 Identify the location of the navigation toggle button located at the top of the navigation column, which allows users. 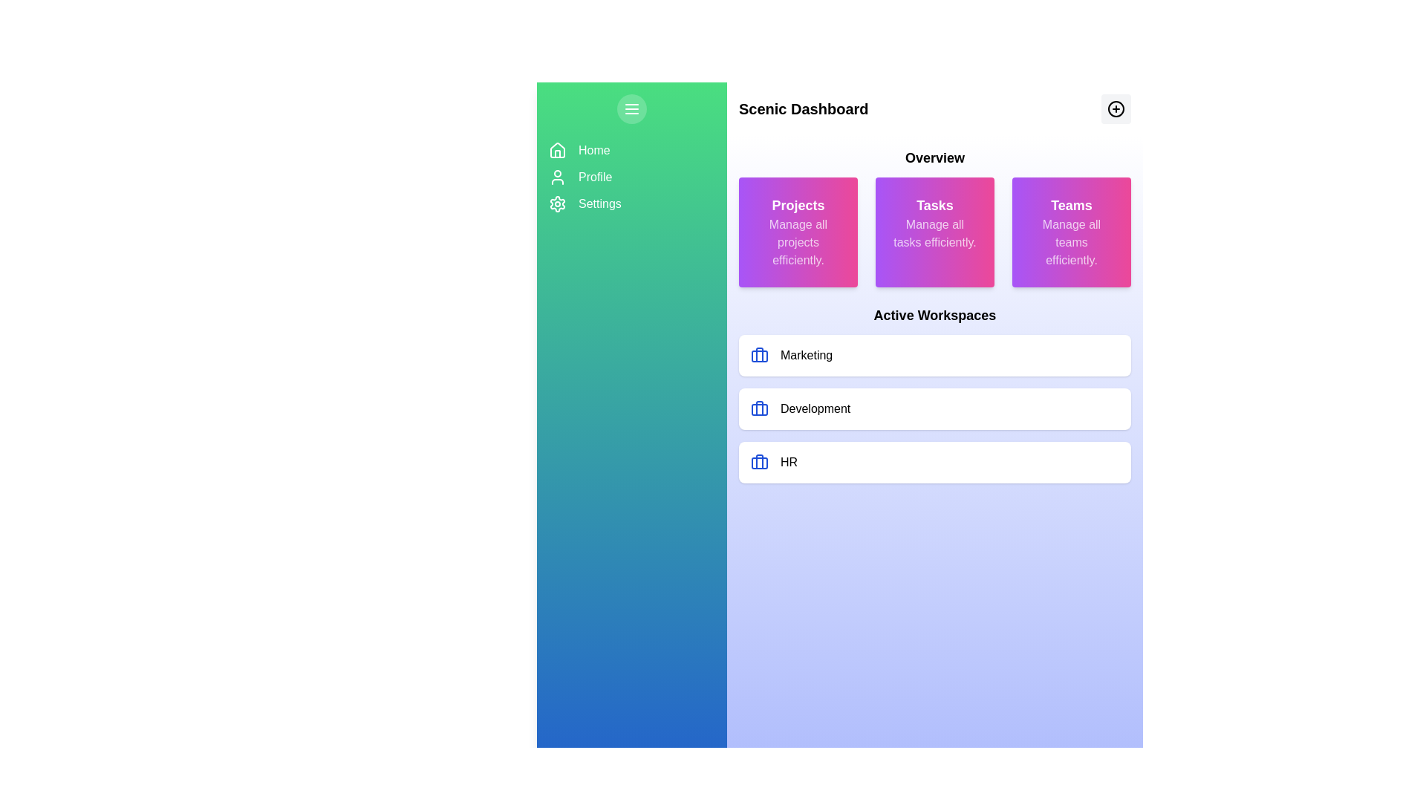
(631, 108).